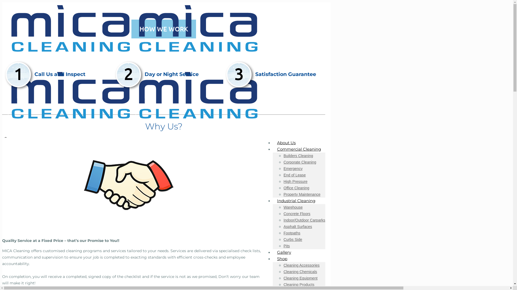 The width and height of the screenshot is (517, 290). What do you see at coordinates (282, 258) in the screenshot?
I see `'Shop'` at bounding box center [282, 258].